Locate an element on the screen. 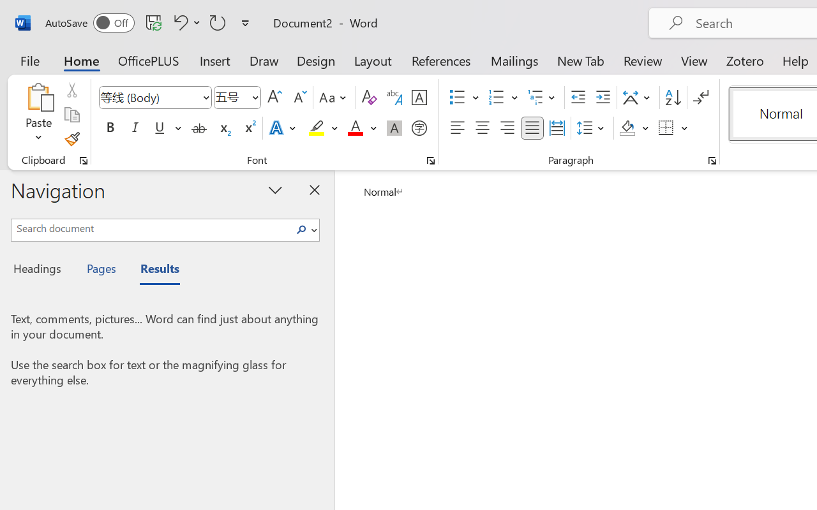 This screenshot has width=817, height=510. 'Home' is located at coordinates (81, 60).